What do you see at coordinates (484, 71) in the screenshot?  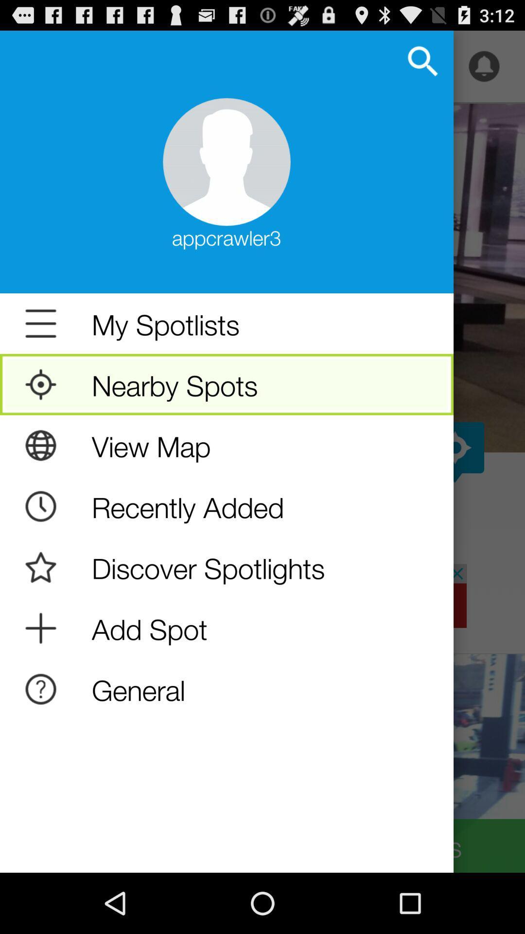 I see `the notifications icon` at bounding box center [484, 71].